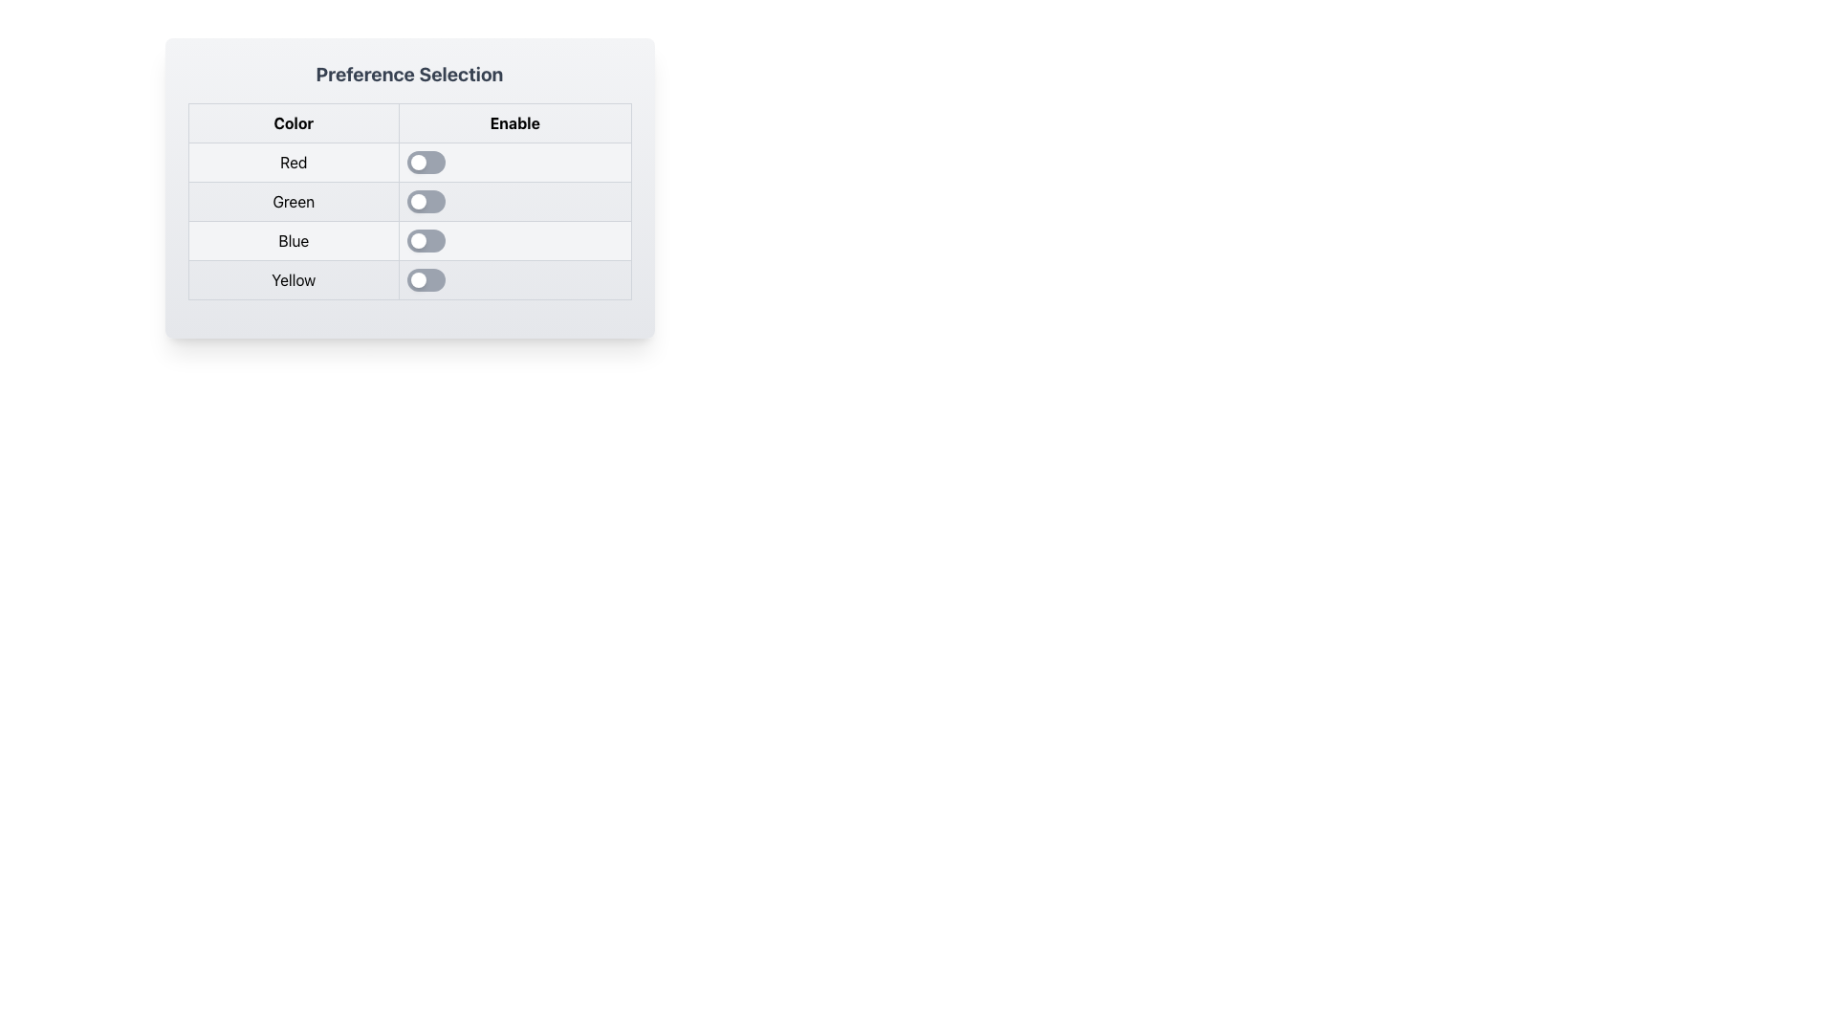 This screenshot has width=1836, height=1033. I want to click on the 'Yellow' text label located in the last row under the 'Color' column of the table, so click(293, 280).